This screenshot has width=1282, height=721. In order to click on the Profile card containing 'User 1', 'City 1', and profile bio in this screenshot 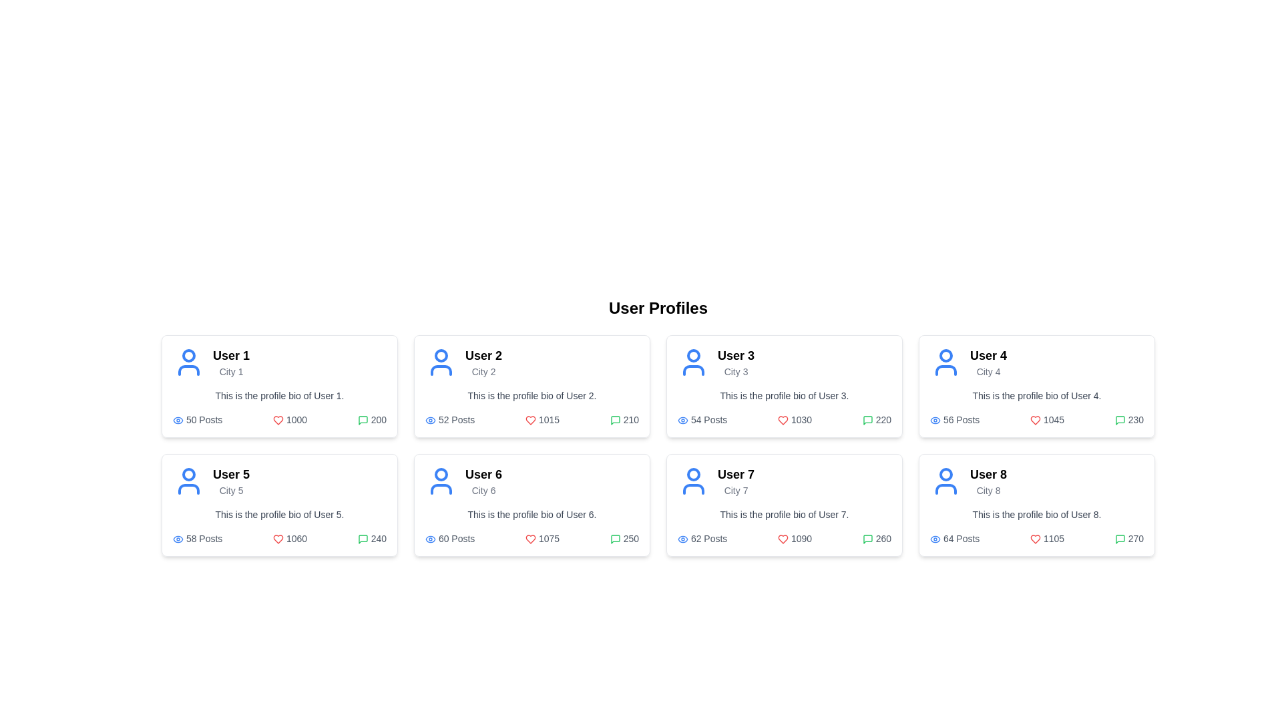, I will do `click(278, 386)`.